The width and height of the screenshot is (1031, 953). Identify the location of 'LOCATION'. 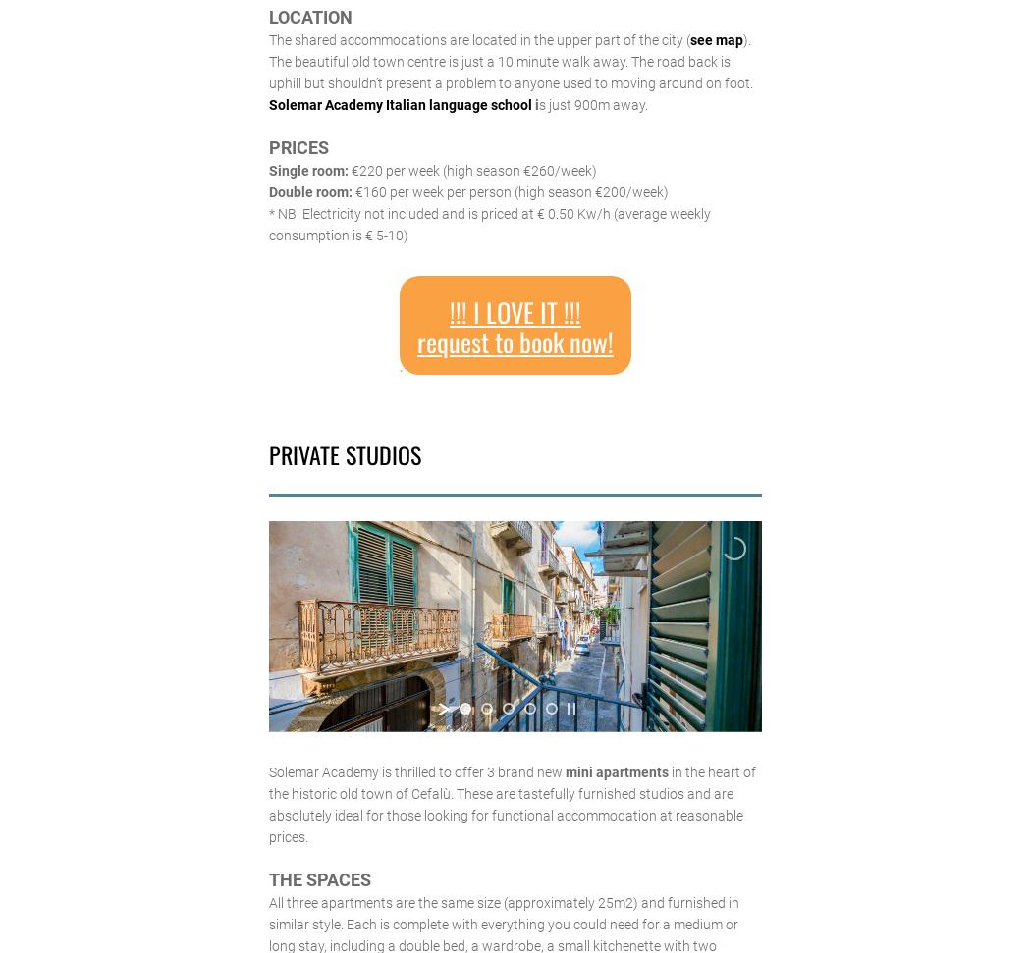
(309, 16).